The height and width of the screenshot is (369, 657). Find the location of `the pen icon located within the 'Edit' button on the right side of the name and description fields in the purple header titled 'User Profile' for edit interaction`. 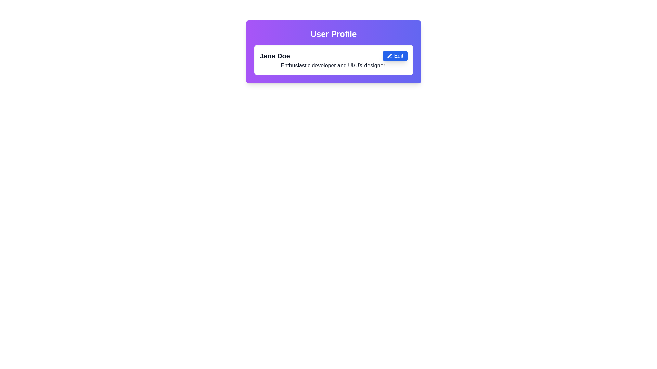

the pen icon located within the 'Edit' button on the right side of the name and description fields in the purple header titled 'User Profile' for edit interaction is located at coordinates (390, 55).